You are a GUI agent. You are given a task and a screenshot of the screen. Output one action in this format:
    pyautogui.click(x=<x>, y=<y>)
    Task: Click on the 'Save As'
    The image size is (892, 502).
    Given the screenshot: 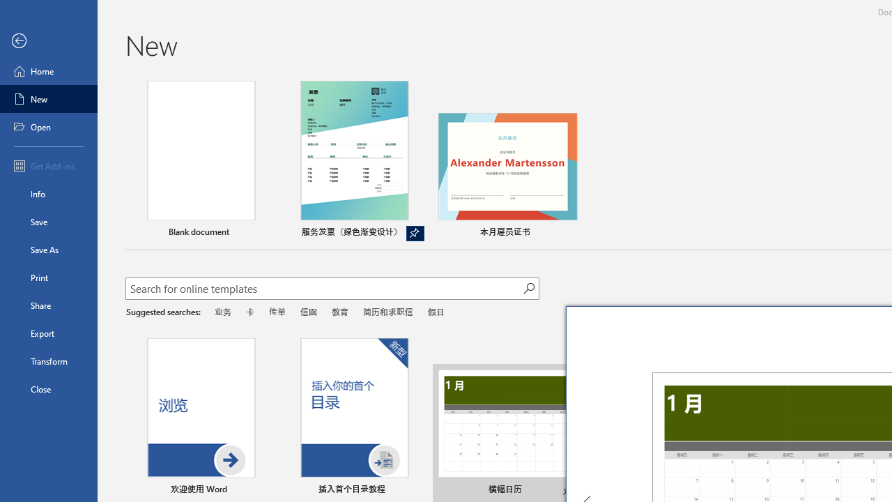 What is the action you would take?
    pyautogui.click(x=48, y=248)
    